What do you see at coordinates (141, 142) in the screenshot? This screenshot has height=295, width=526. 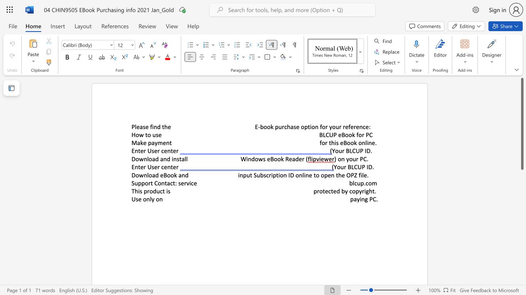 I see `the 1th character "k" in the text` at bounding box center [141, 142].